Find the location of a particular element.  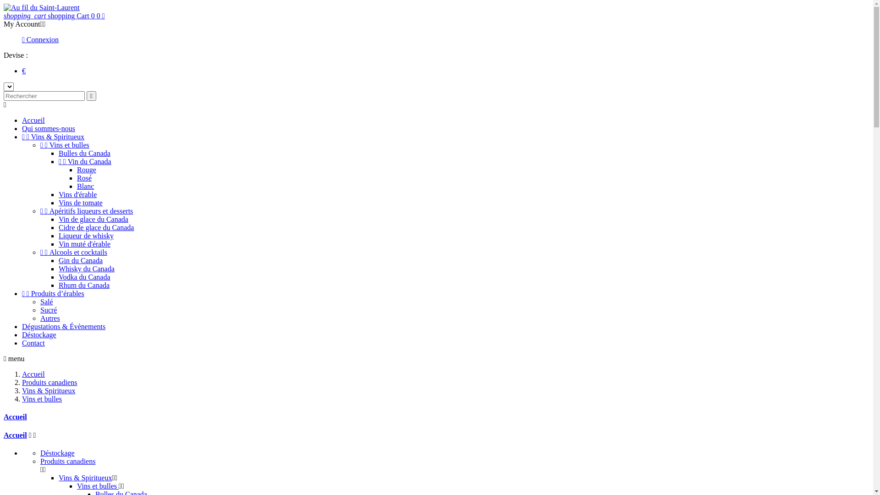

'Bulles du Canada' is located at coordinates (84, 153).